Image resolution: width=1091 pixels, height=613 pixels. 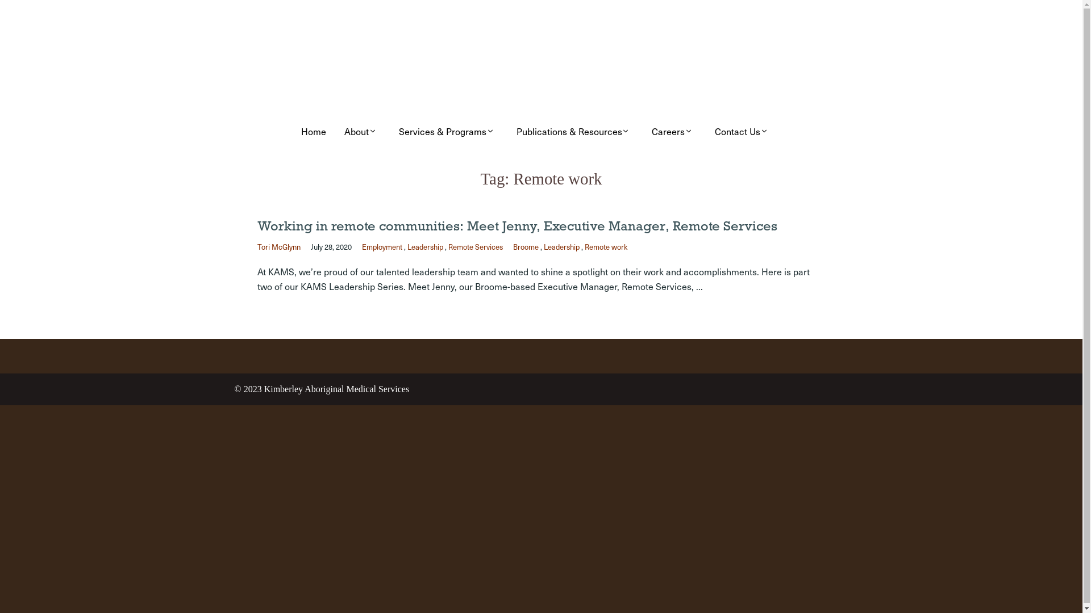 I want to click on 'Broome', so click(x=524, y=246).